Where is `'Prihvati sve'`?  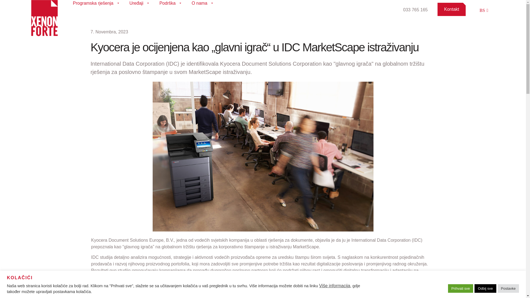
'Prihvati sve' is located at coordinates (460, 288).